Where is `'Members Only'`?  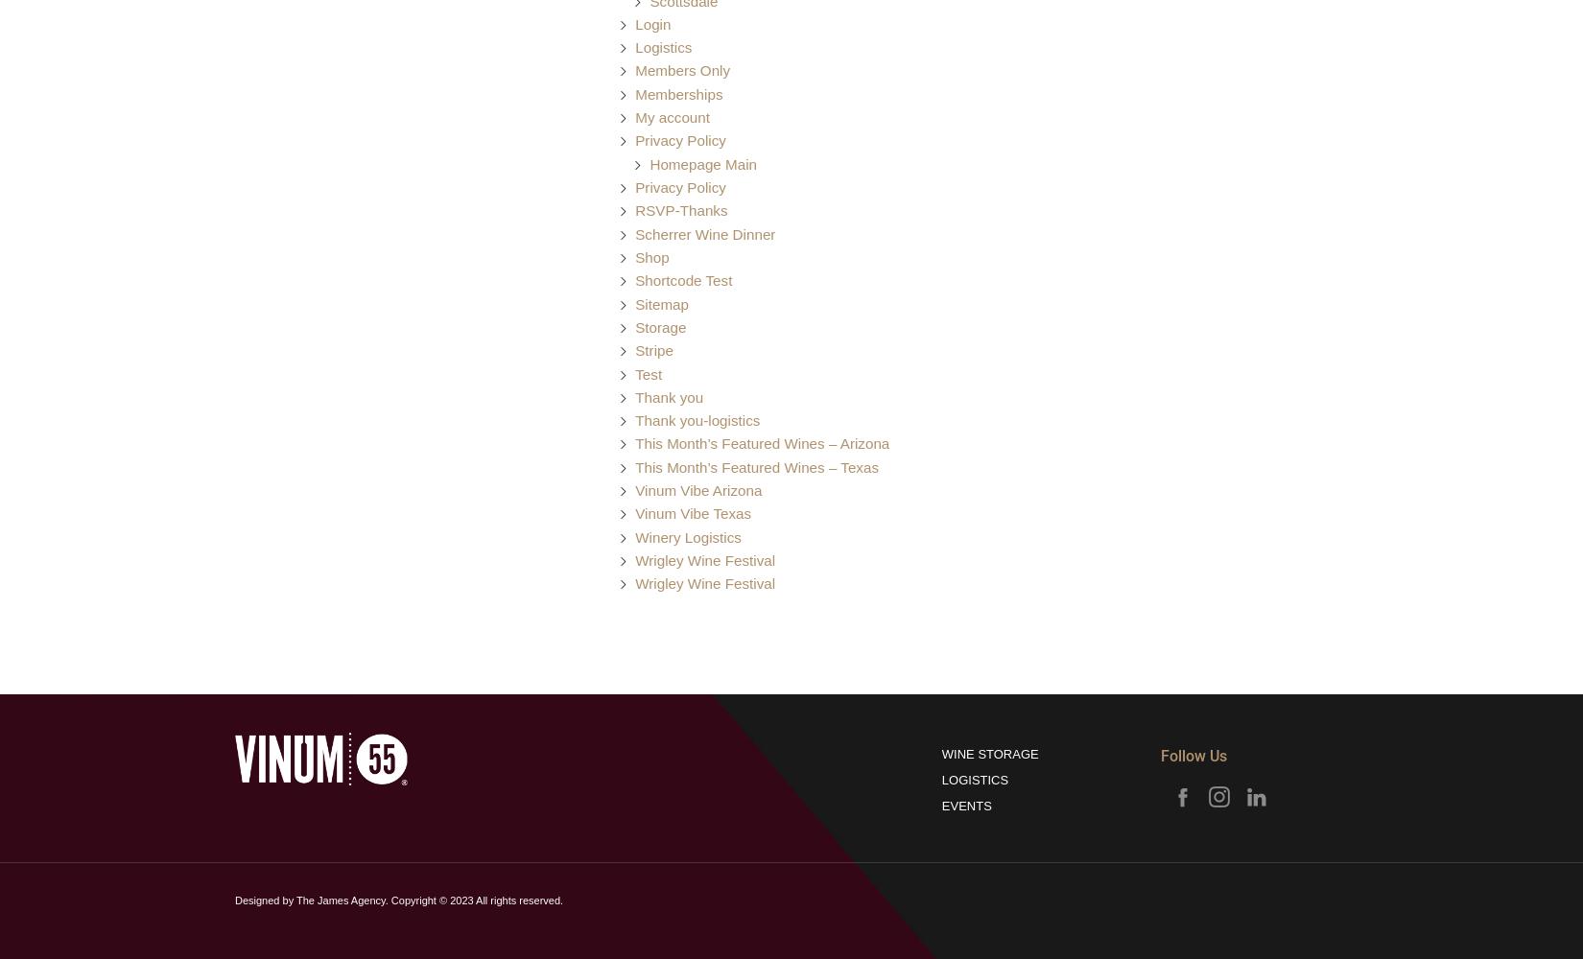 'Members Only' is located at coordinates (633, 69).